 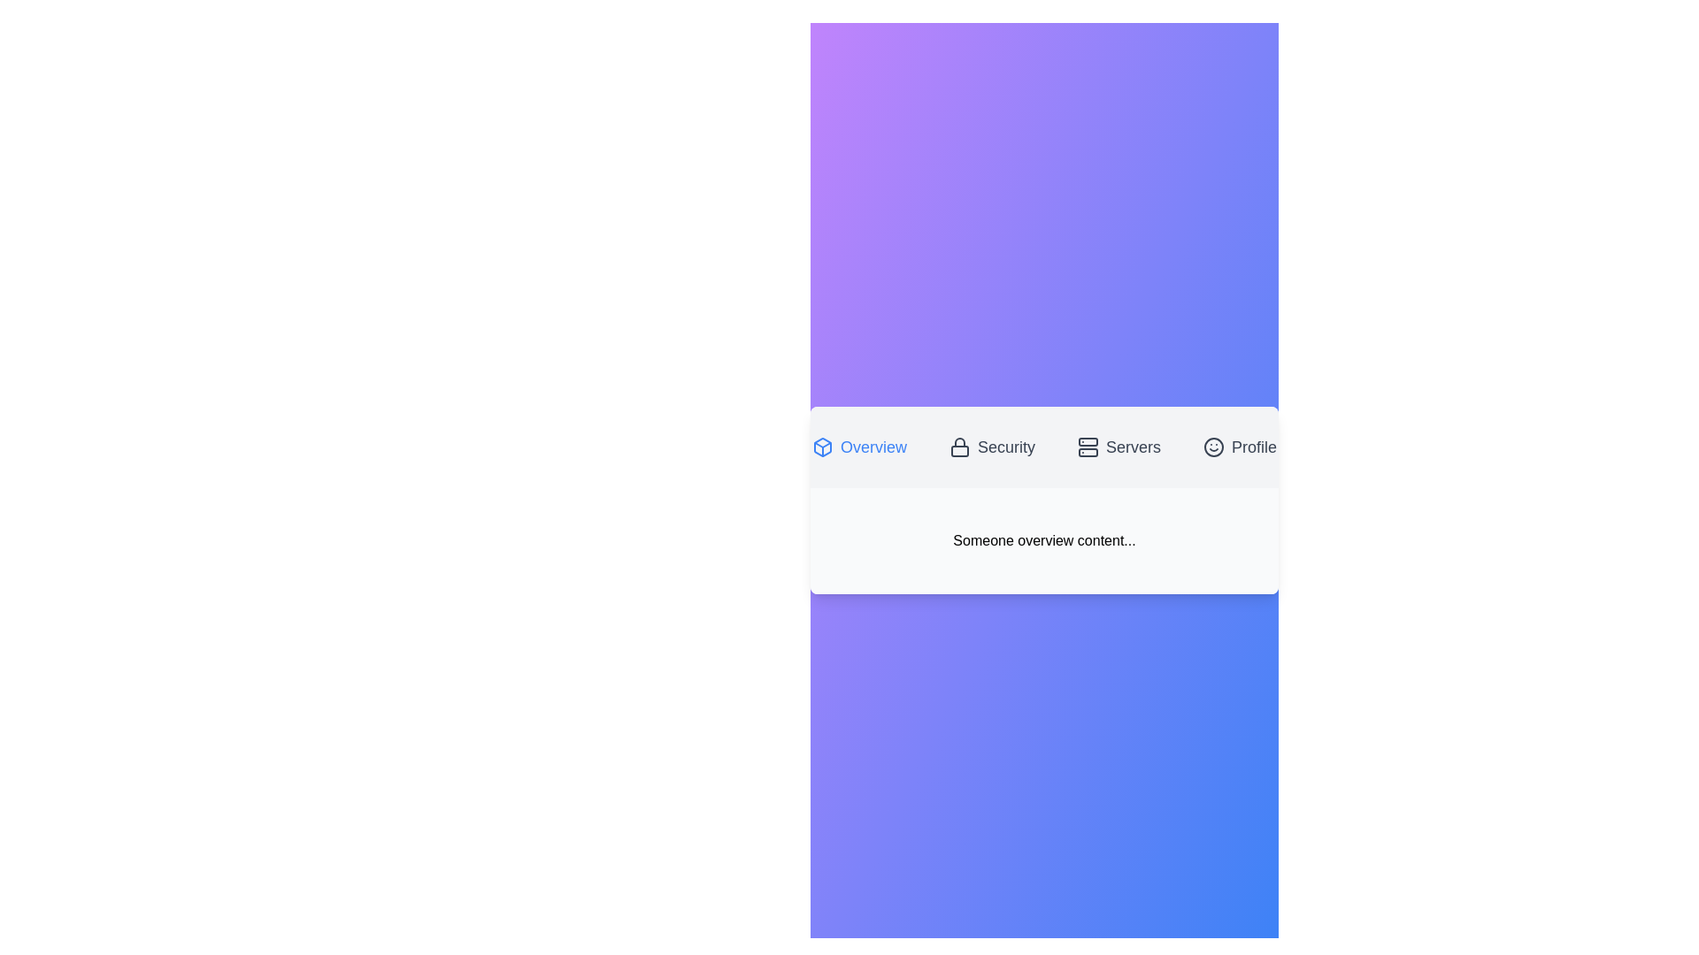 What do you see at coordinates (1119, 446) in the screenshot?
I see `the 'Servers' button with an embedded icon and text, which is the third button in the navigation bar` at bounding box center [1119, 446].